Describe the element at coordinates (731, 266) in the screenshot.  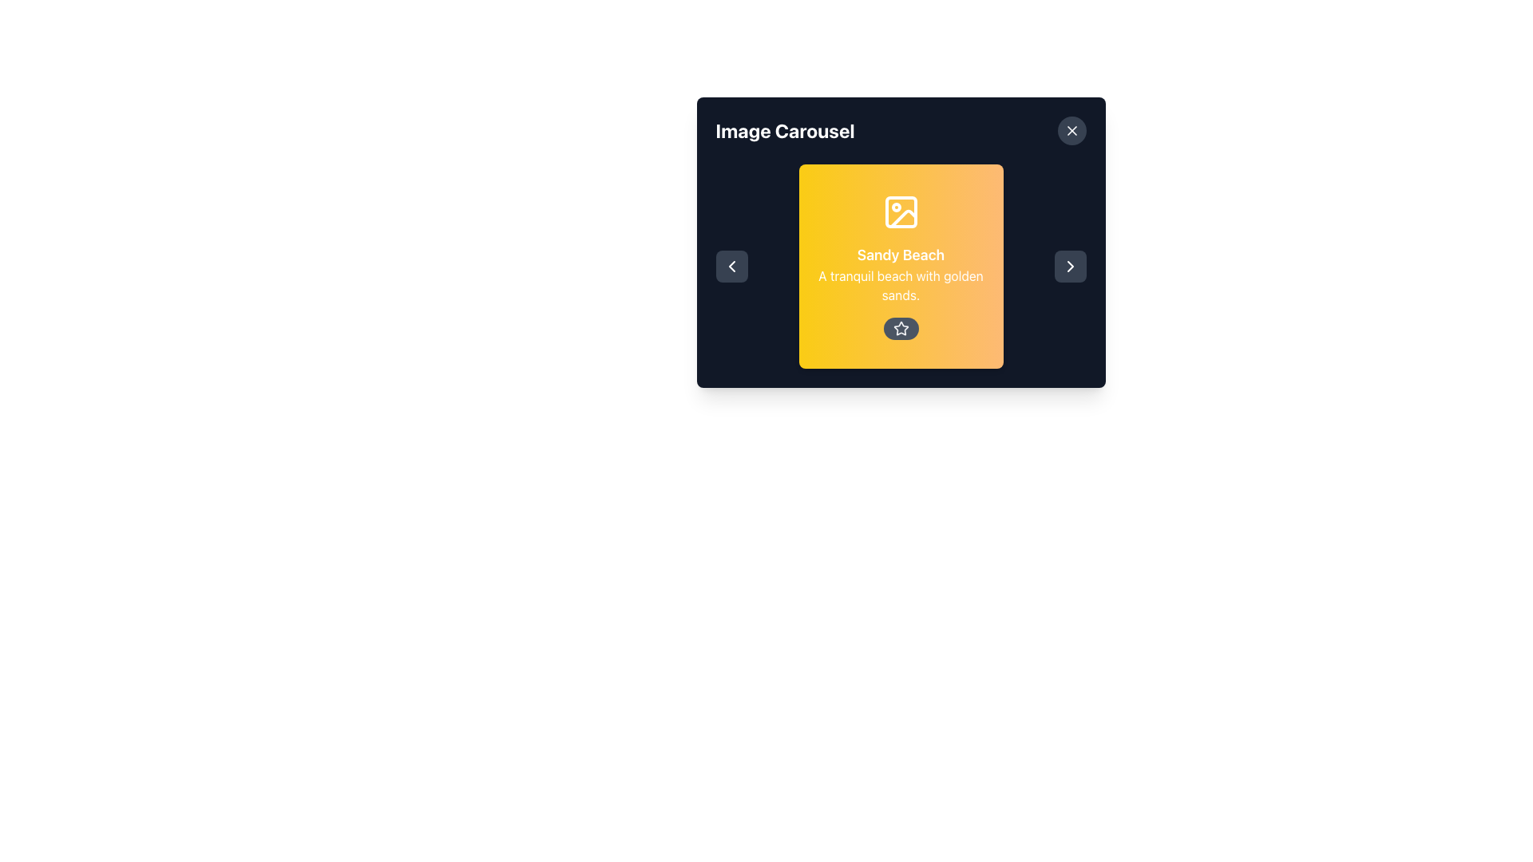
I see `the leftward-pointing chevron icon located at the center of the rounded square-shaped button on the left side of the image carousel` at that location.